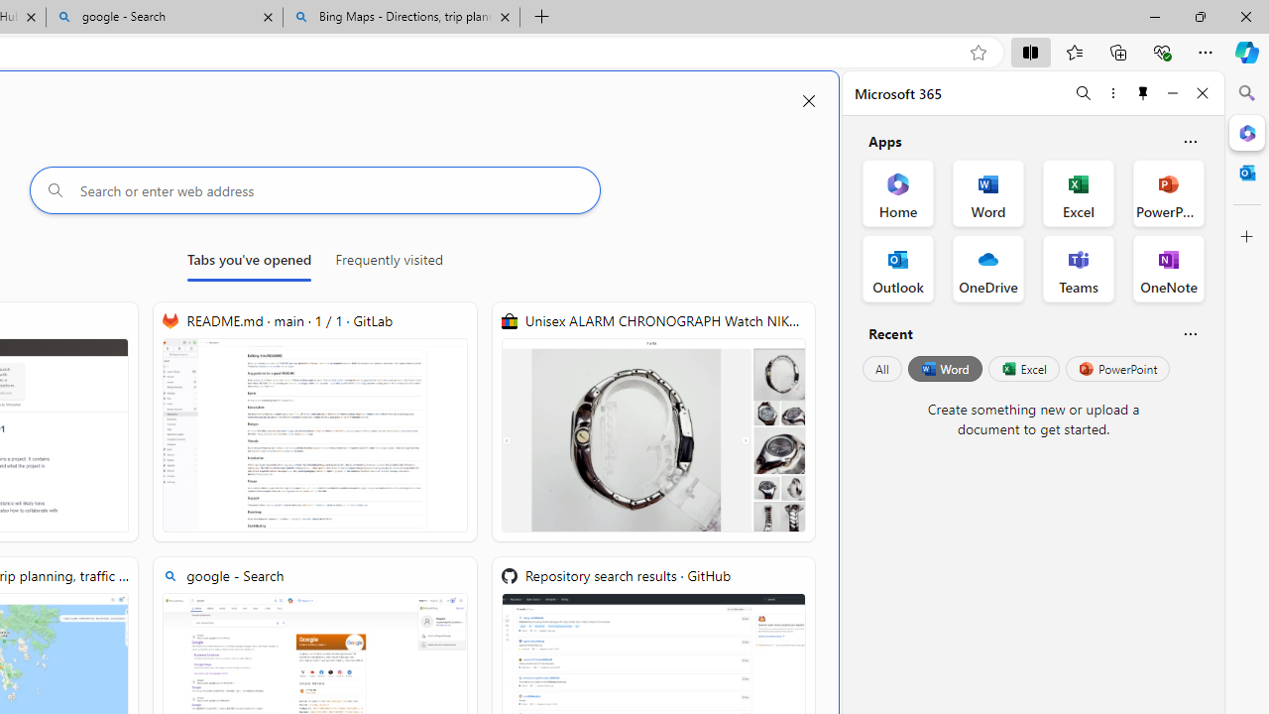  Describe the element at coordinates (1190, 332) in the screenshot. I see `'Is this helpful?'` at that location.